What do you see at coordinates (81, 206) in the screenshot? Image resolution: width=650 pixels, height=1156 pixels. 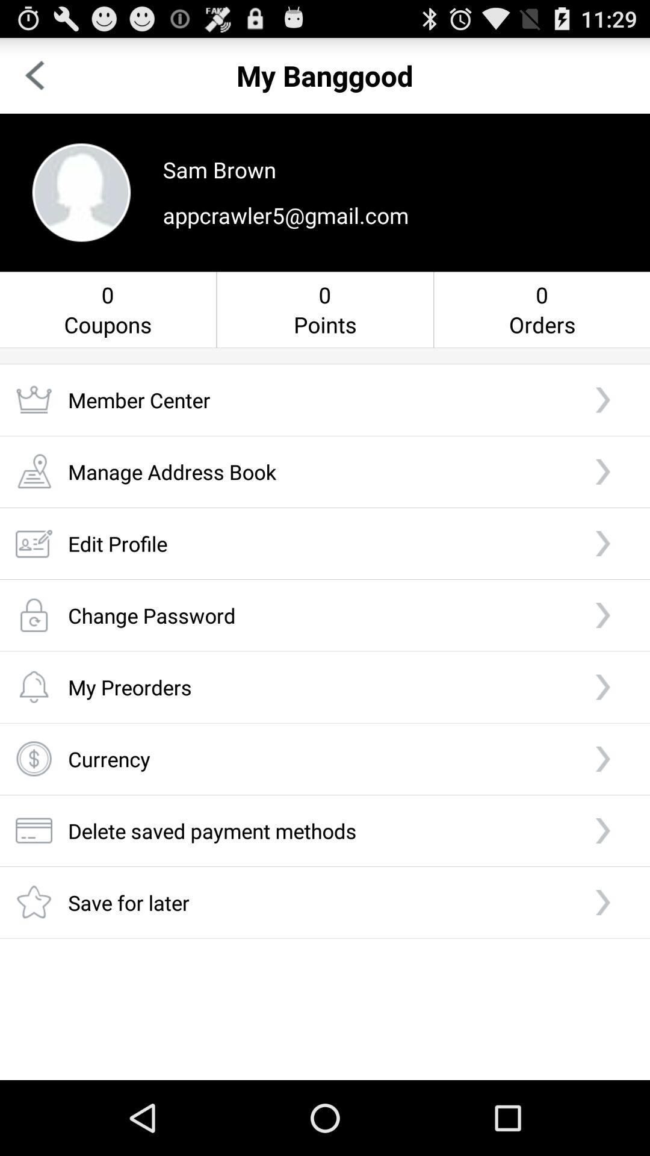 I see `the avatar icon` at bounding box center [81, 206].